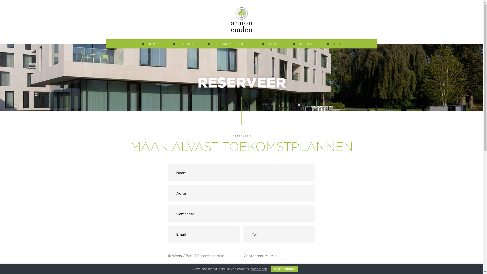 The width and height of the screenshot is (487, 274). What do you see at coordinates (269, 44) in the screenshot?
I see `'ZORG'` at bounding box center [269, 44].